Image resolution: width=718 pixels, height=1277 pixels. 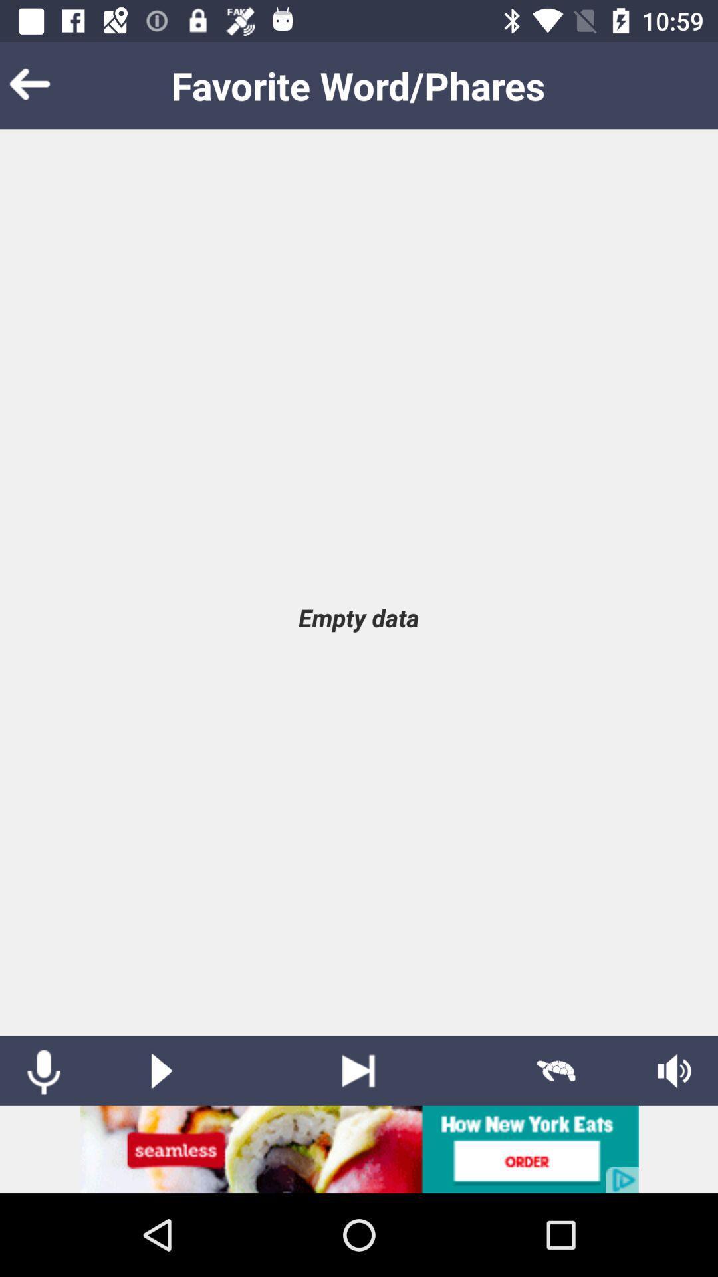 What do you see at coordinates (161, 1071) in the screenshot?
I see `audio` at bounding box center [161, 1071].